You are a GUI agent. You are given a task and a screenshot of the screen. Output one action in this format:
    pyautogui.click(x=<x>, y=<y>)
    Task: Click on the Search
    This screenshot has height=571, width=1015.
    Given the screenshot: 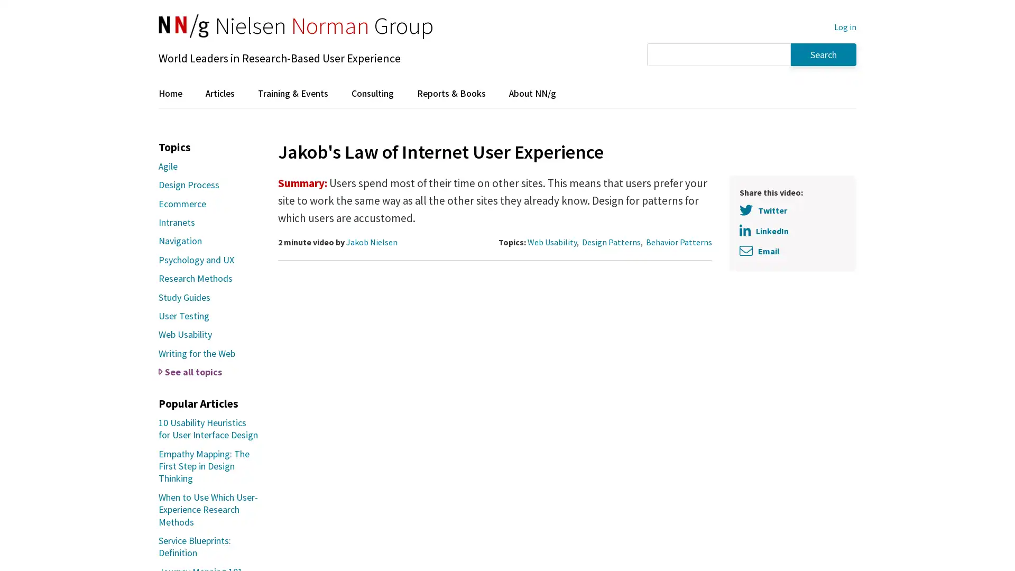 What is the action you would take?
    pyautogui.click(x=823, y=54)
    